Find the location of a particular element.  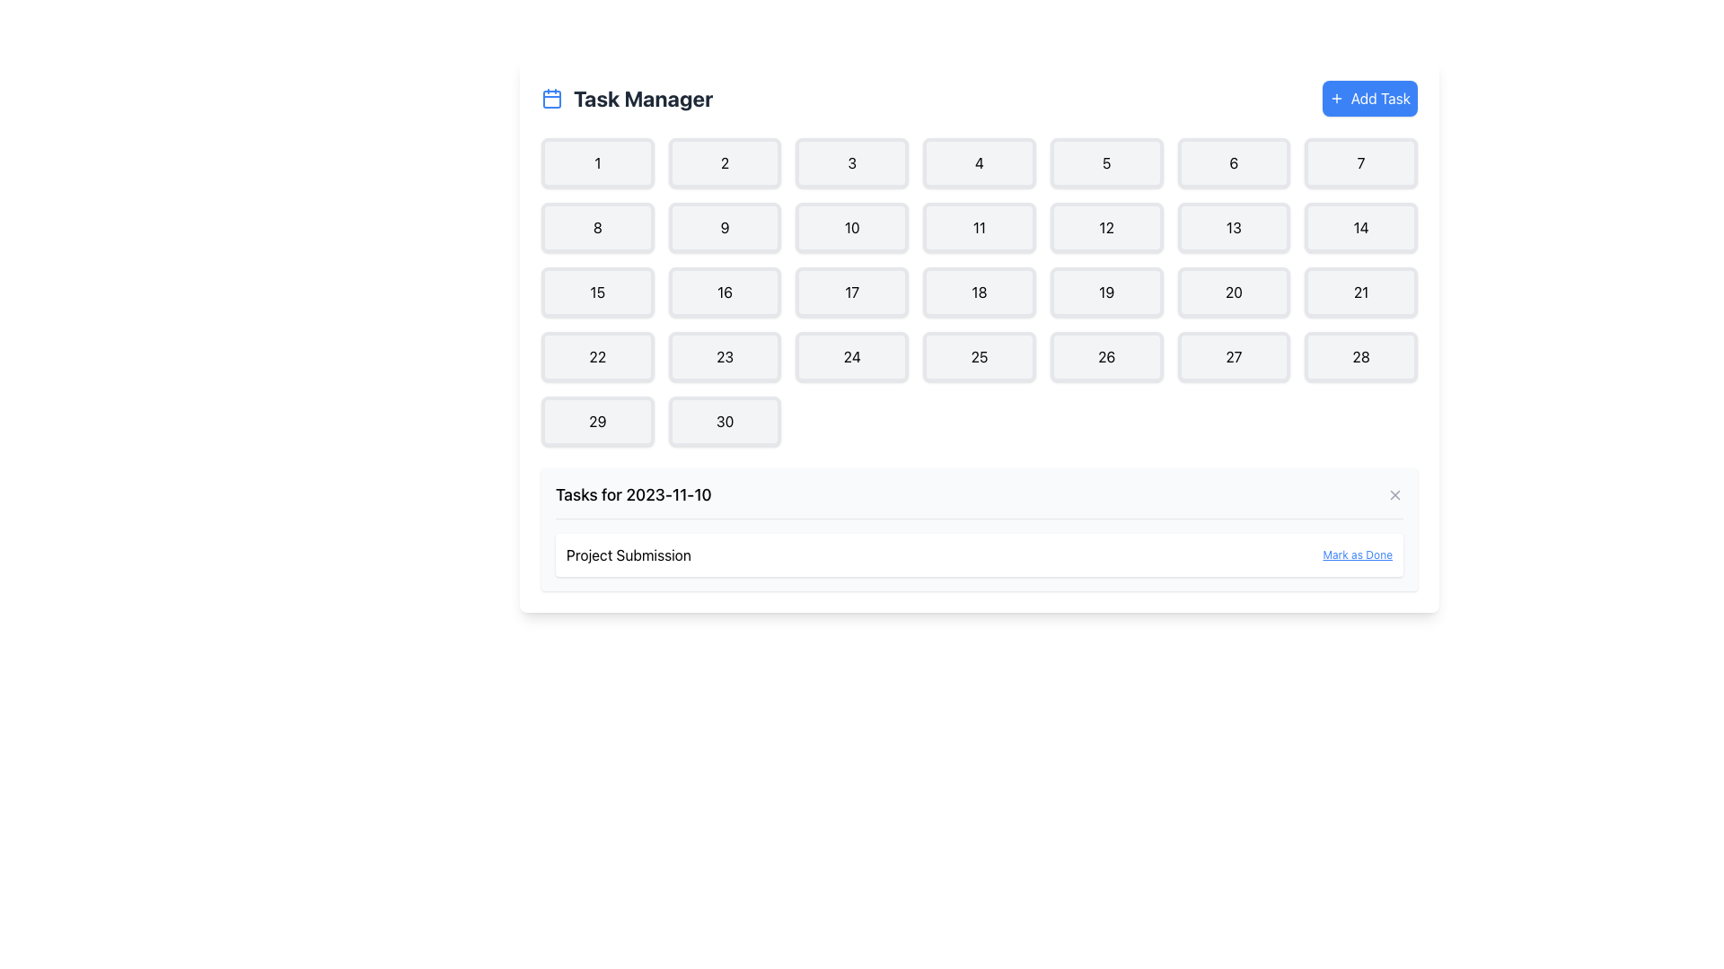

the square button with rounded corners that displays the number '21' is located at coordinates (1361, 292).